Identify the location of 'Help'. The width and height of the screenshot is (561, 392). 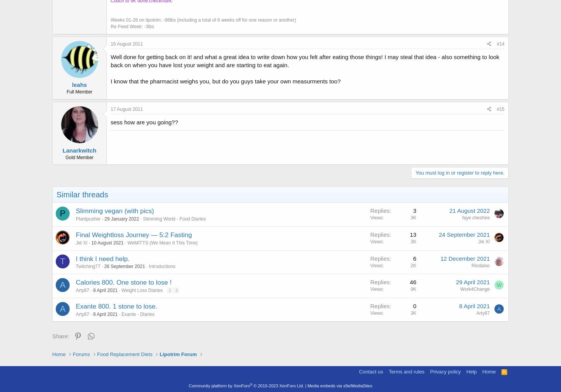
(471, 371).